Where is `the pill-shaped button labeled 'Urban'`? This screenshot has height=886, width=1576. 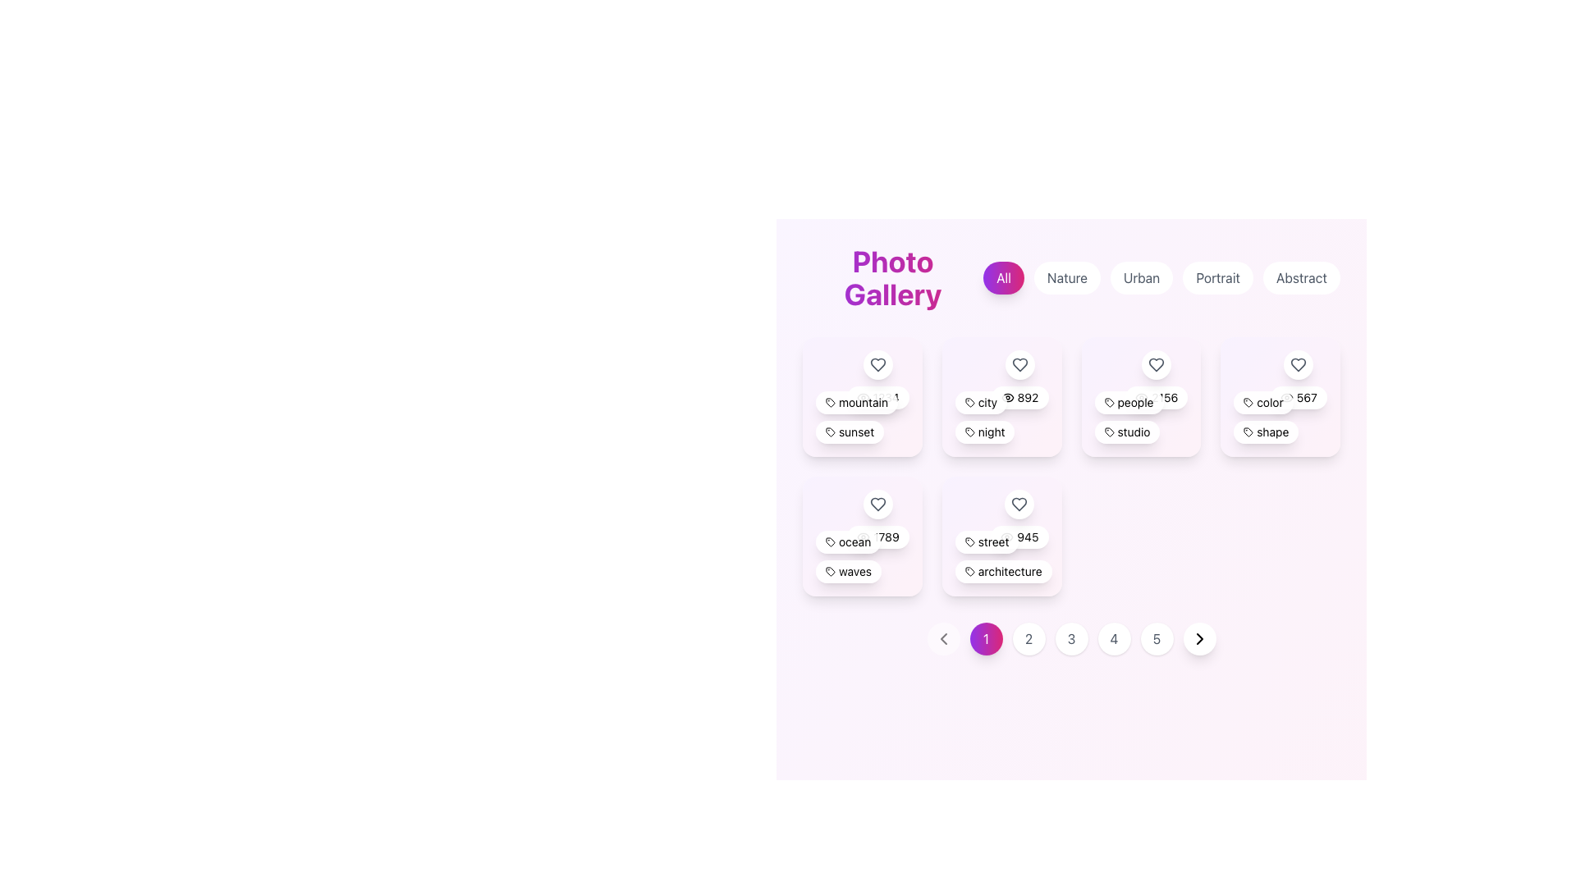
the pill-shaped button labeled 'Urban' is located at coordinates (1141, 277).